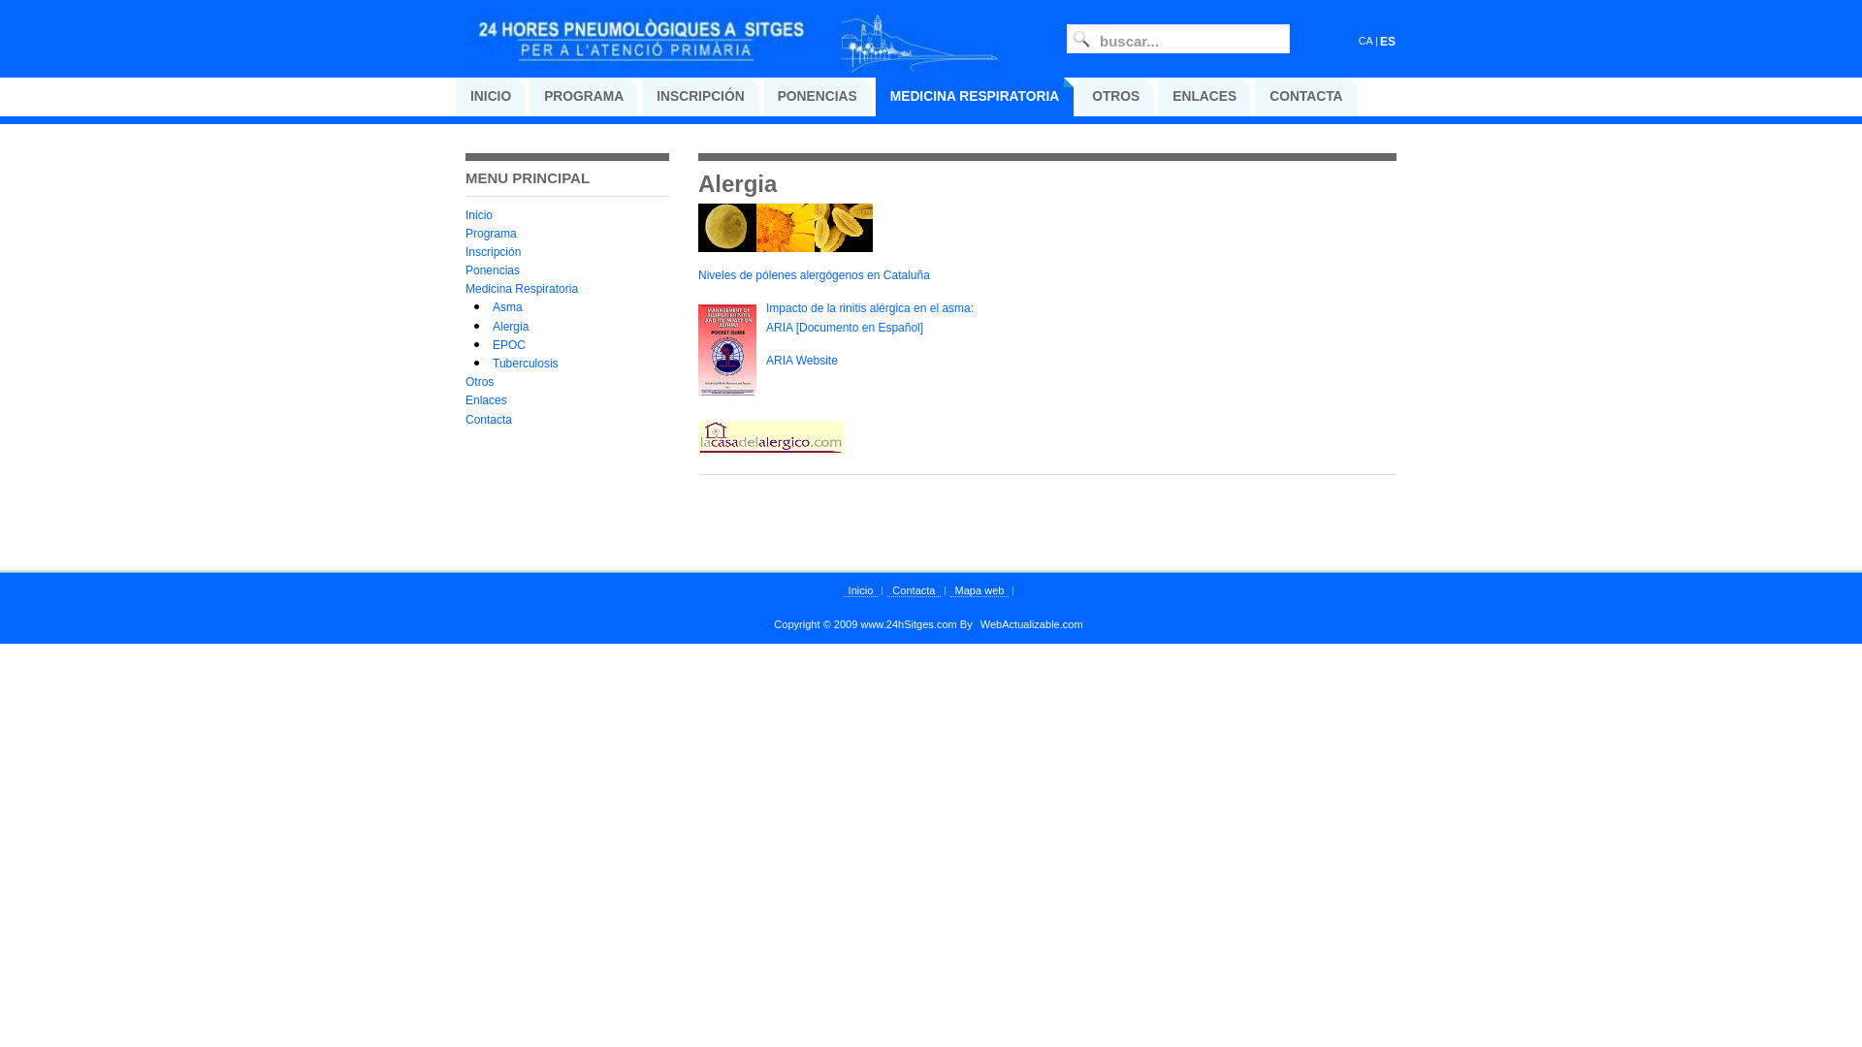  Describe the element at coordinates (508, 343) in the screenshot. I see `'EPOC'` at that location.